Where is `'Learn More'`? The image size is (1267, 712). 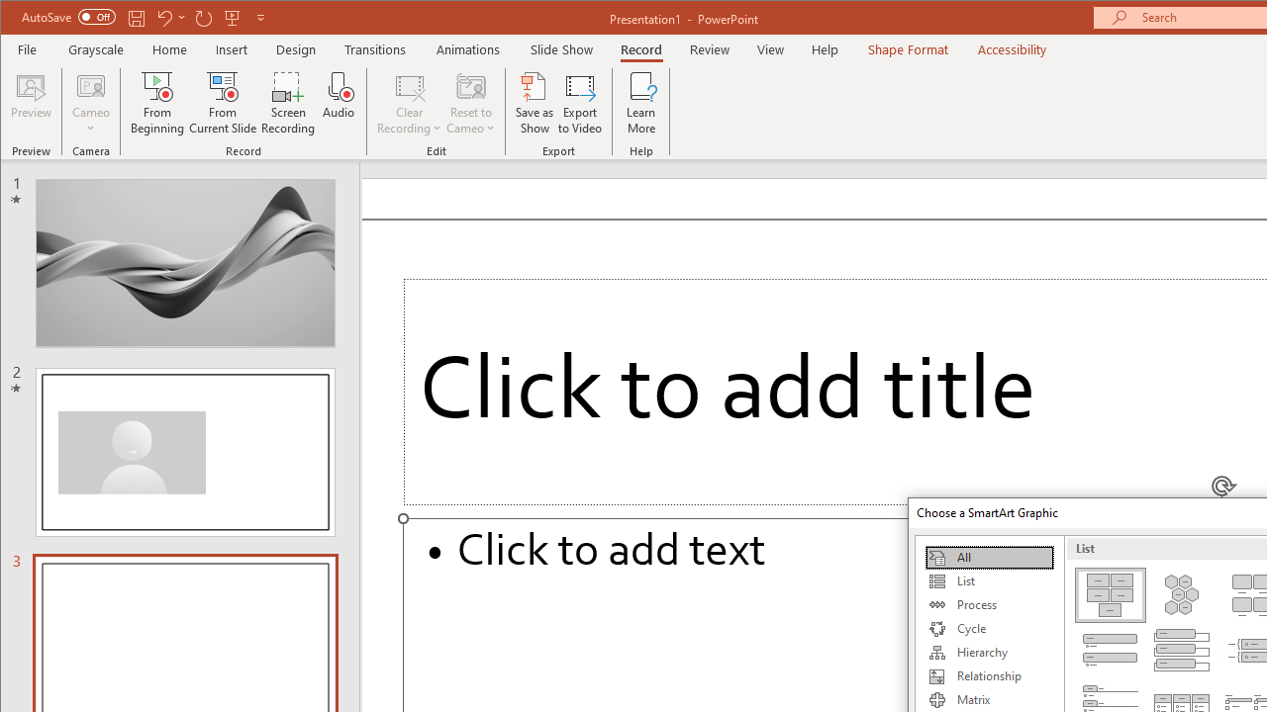
'Learn More' is located at coordinates (641, 103).